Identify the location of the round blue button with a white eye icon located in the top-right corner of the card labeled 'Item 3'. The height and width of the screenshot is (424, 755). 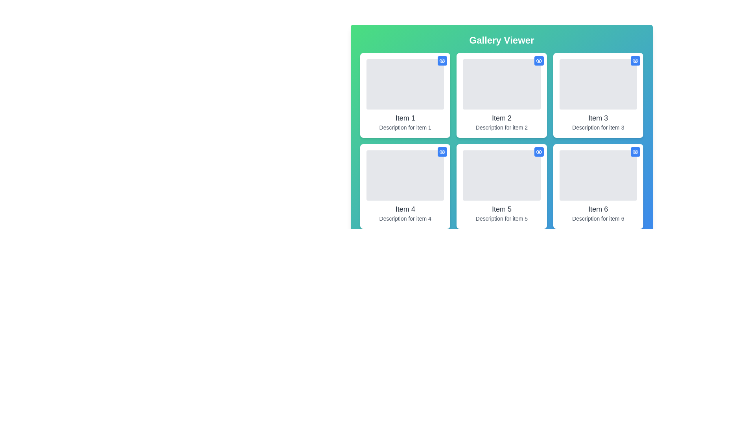
(635, 60).